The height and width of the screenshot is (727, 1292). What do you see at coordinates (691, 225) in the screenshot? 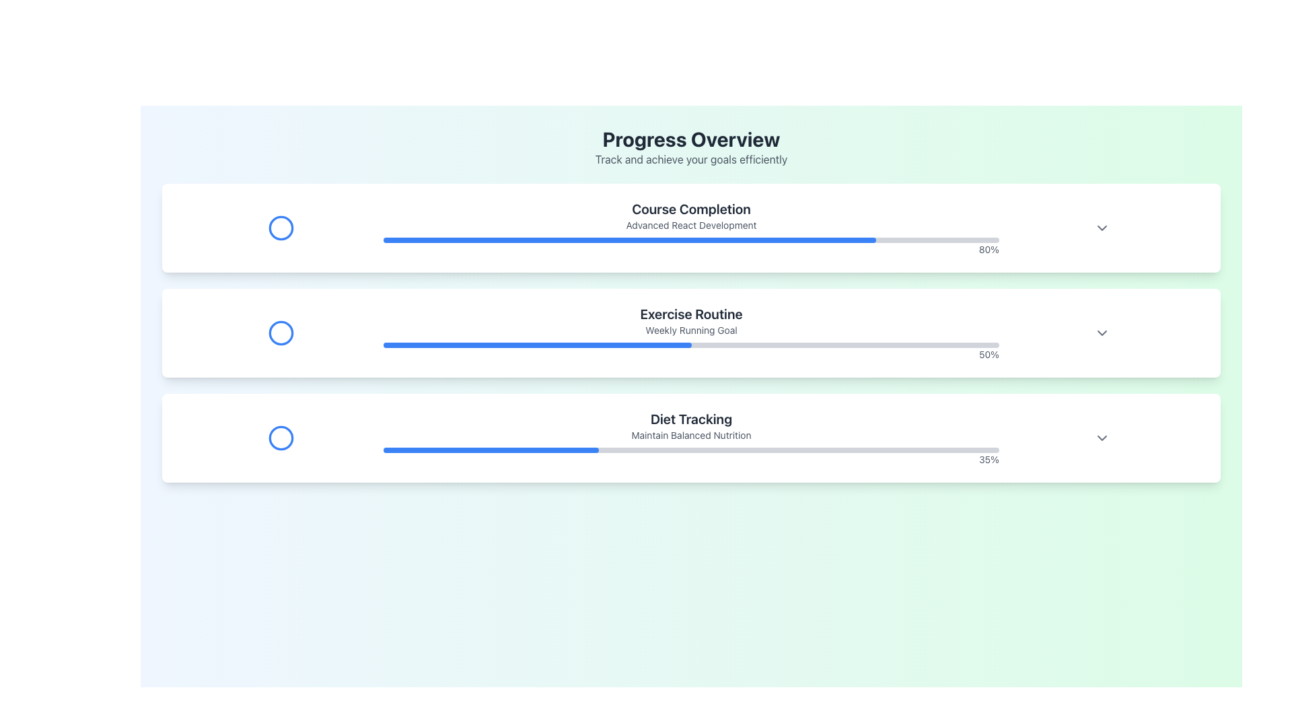
I see `the static text displaying 'Advanced React Development', which is aligned below the 'Course Completion' text in gray color` at bounding box center [691, 225].